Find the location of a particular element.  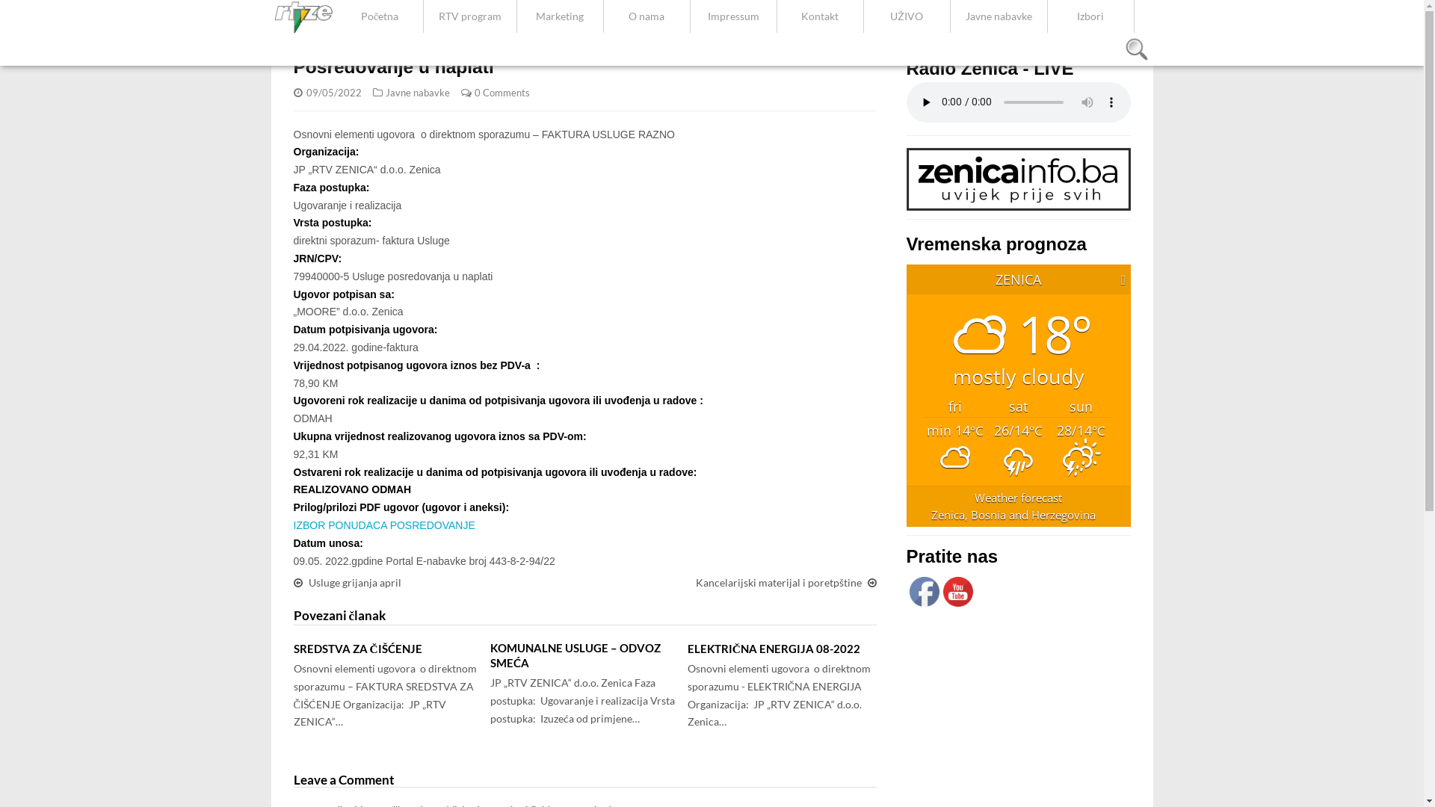

'Javne nabavke' is located at coordinates (417, 92).